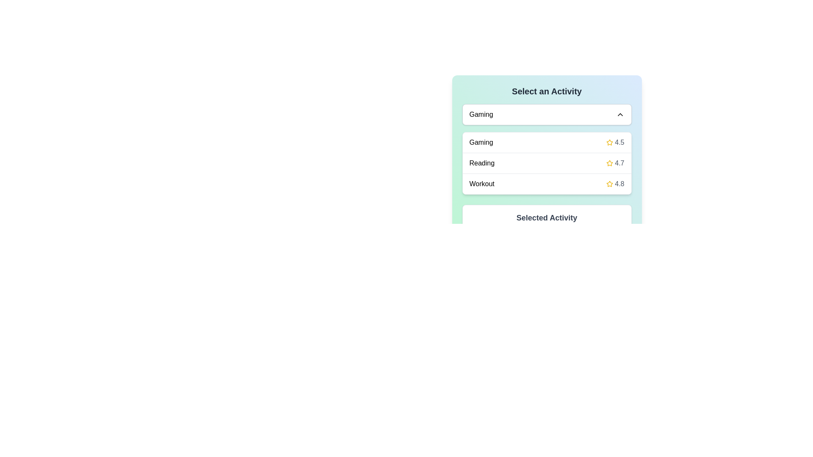  What do you see at coordinates (615, 184) in the screenshot?
I see `the yellow star icon followed by the gray numerical text '4.8' indicating the rating, located to the right of the text 'Workout' in the third entry of the list` at bounding box center [615, 184].